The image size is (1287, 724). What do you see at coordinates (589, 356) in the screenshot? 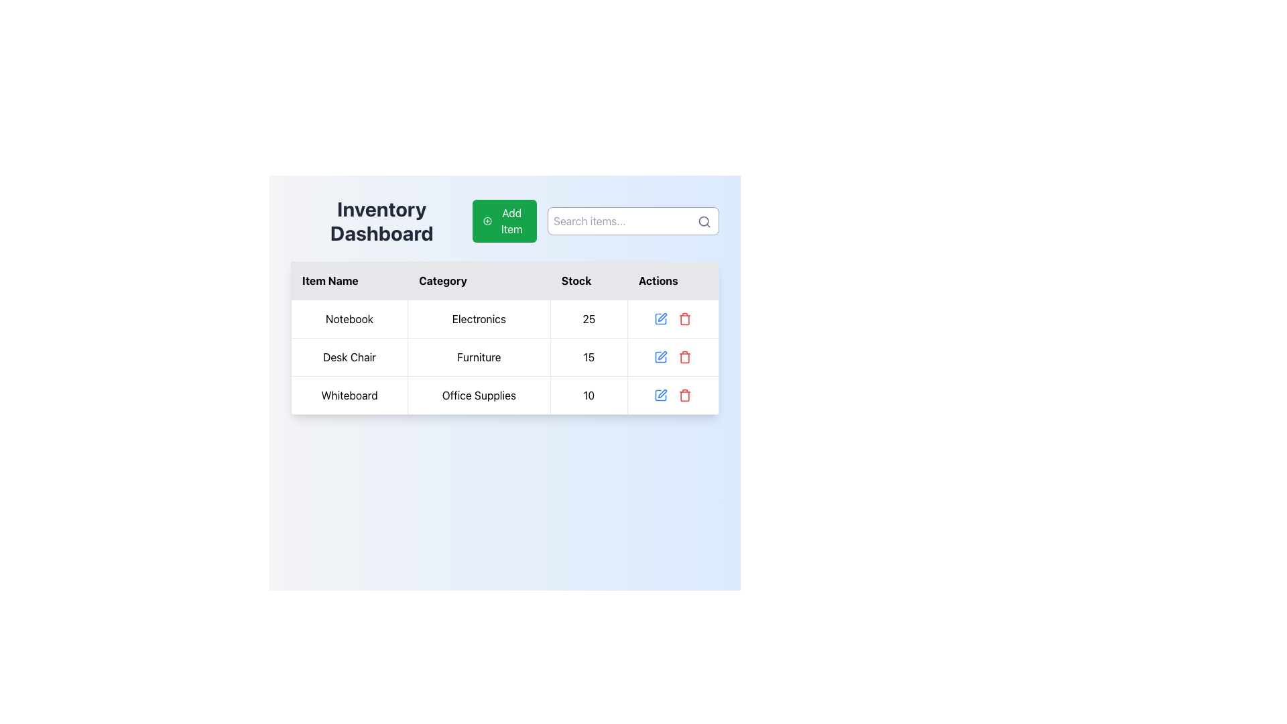
I see `the text field that indicates the quantity of 'Desk Chair' items available in stock, located in the 'Stock' column of the second row, next to the 'Furniture' cell` at bounding box center [589, 356].